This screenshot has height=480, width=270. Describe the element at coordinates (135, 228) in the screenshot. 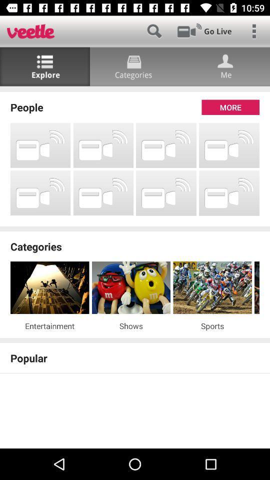

I see `item above the categories` at that location.